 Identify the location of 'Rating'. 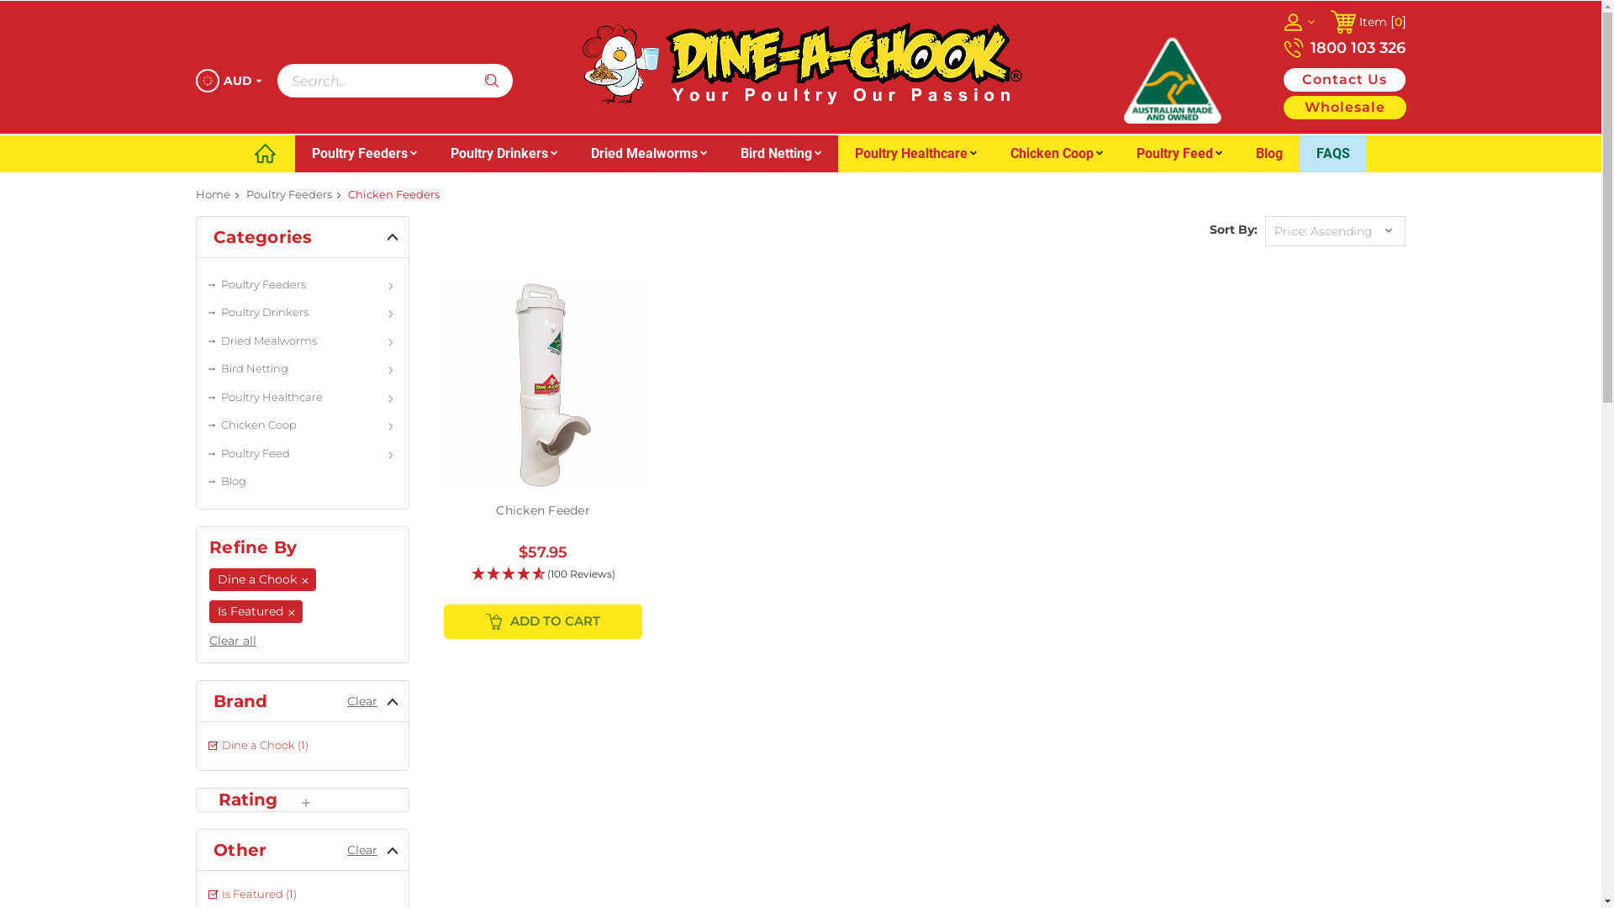
(256, 799).